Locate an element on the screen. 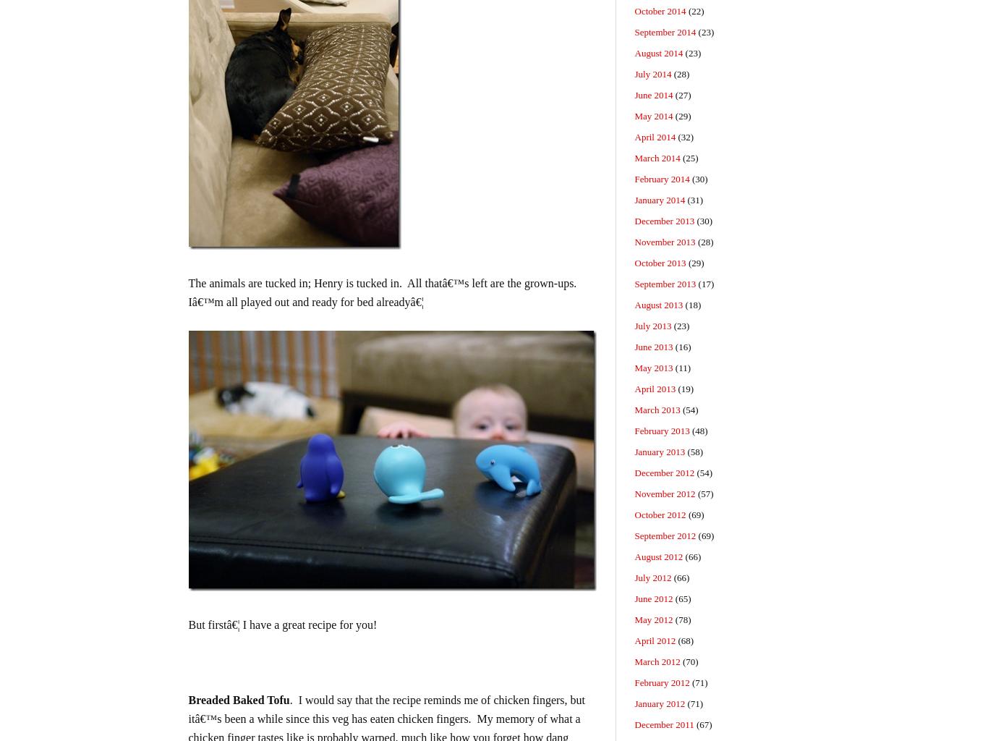 This screenshot has height=741, width=988. '(22)' is located at coordinates (694, 11).